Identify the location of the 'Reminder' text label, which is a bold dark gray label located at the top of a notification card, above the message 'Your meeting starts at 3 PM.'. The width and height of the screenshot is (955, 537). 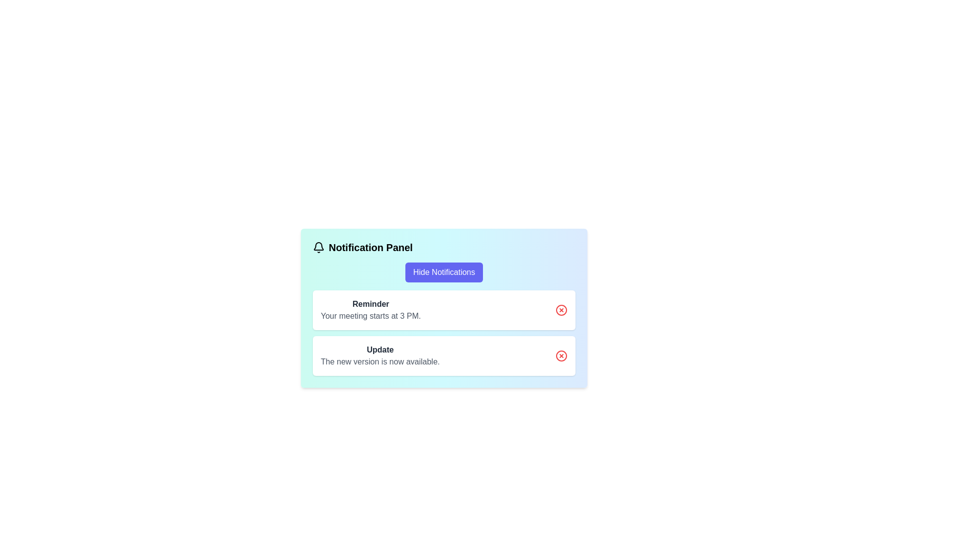
(370, 304).